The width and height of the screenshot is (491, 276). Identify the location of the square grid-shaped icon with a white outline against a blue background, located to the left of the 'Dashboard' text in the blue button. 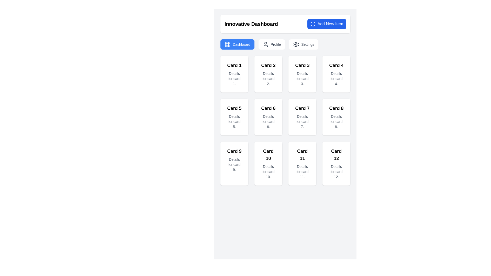
(227, 44).